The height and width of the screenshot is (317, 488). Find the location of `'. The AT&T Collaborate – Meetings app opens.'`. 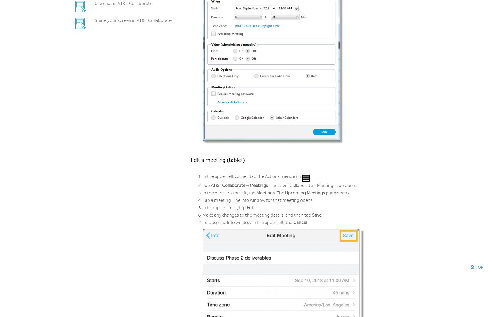

'. The AT&T Collaborate – Meetings app opens.' is located at coordinates (313, 186).